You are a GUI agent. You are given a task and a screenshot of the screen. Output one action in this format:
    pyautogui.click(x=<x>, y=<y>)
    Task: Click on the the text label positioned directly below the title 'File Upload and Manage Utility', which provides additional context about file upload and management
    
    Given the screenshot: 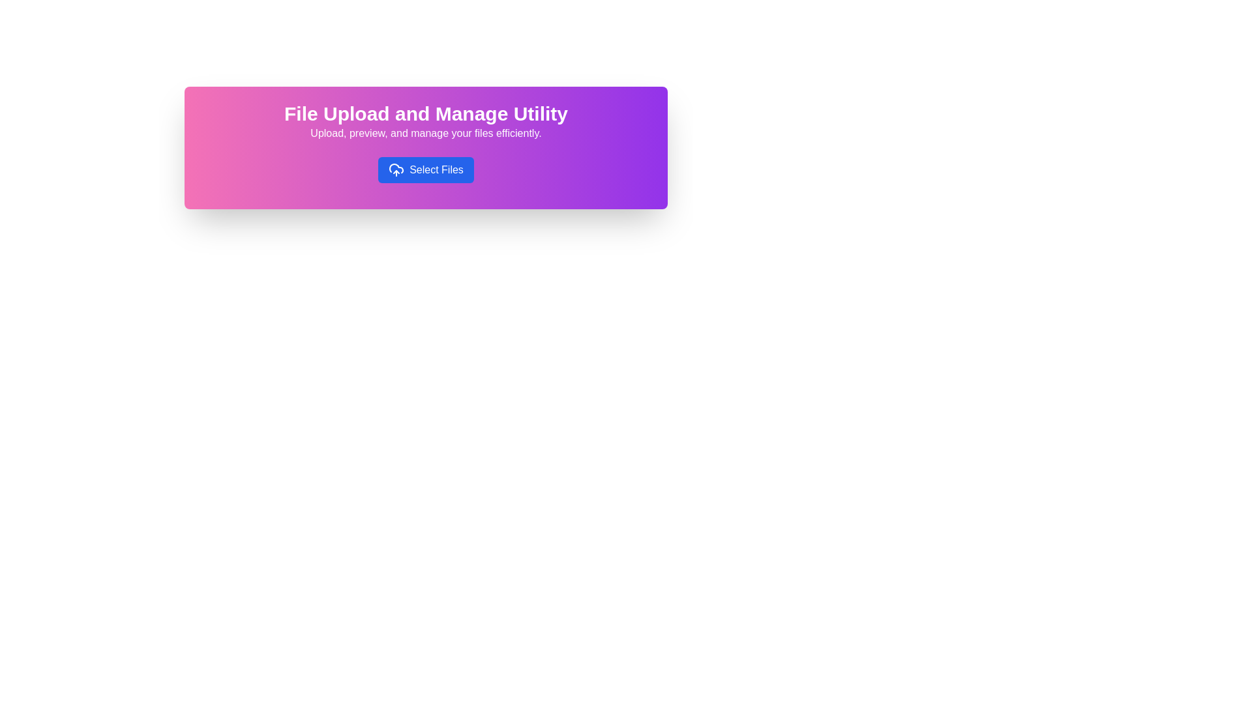 What is the action you would take?
    pyautogui.click(x=426, y=133)
    